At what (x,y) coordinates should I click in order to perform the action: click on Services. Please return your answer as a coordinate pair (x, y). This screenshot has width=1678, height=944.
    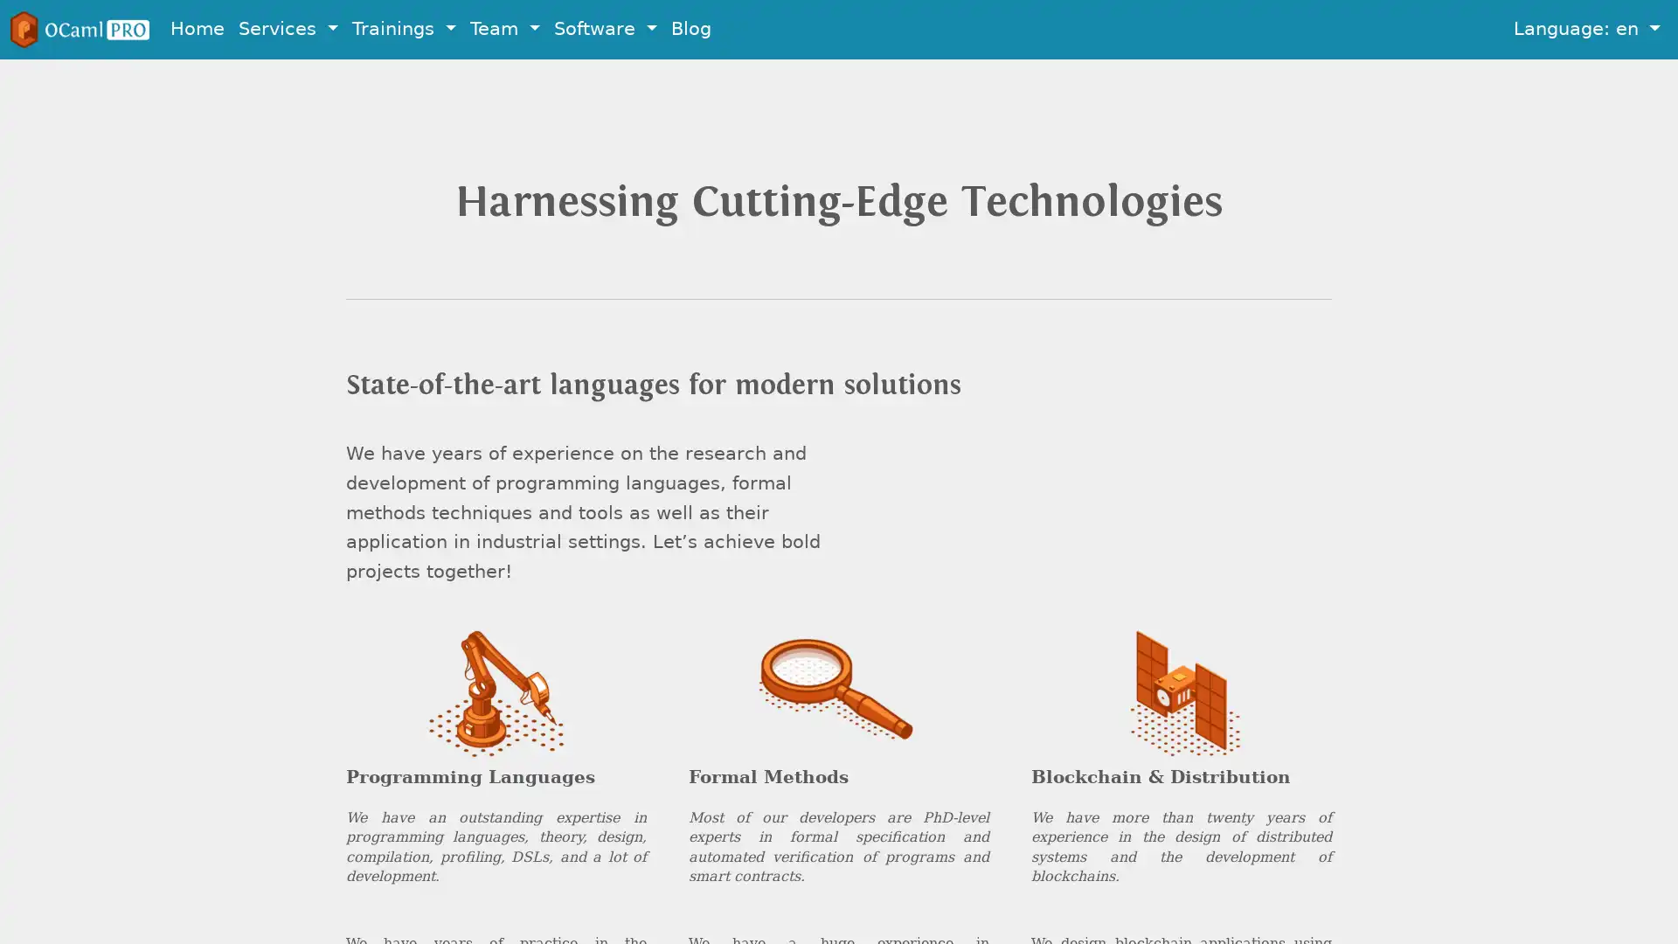
    Looking at the image, I should click on (288, 29).